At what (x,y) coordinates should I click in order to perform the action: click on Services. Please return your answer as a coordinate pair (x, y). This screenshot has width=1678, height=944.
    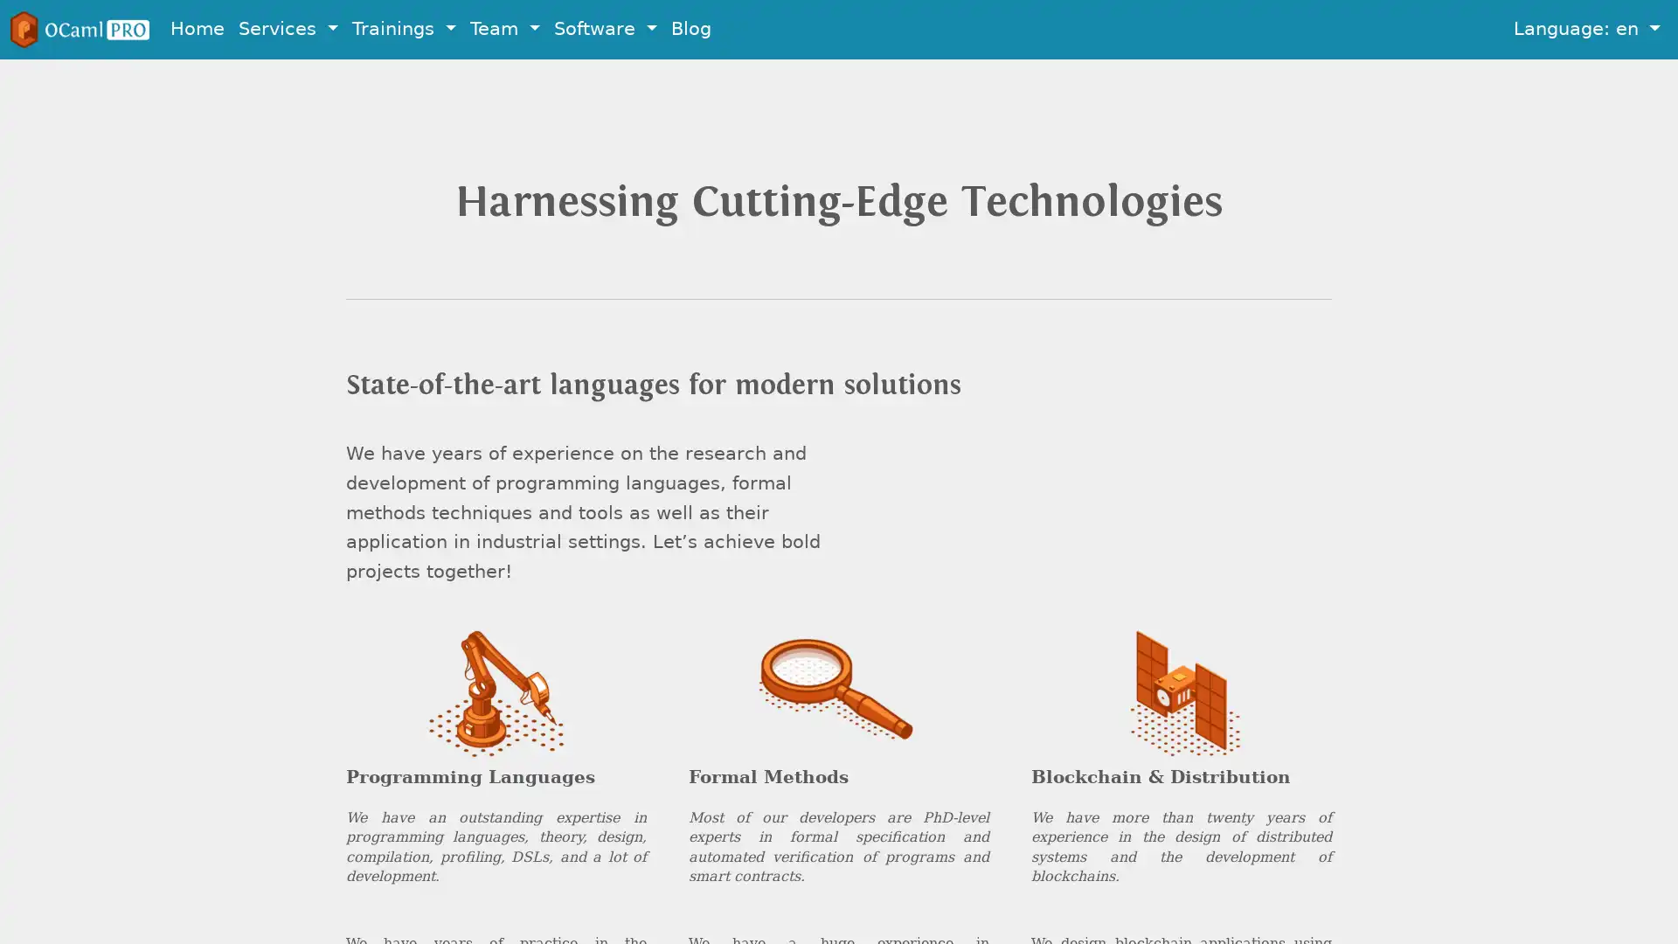
    Looking at the image, I should click on (288, 29).